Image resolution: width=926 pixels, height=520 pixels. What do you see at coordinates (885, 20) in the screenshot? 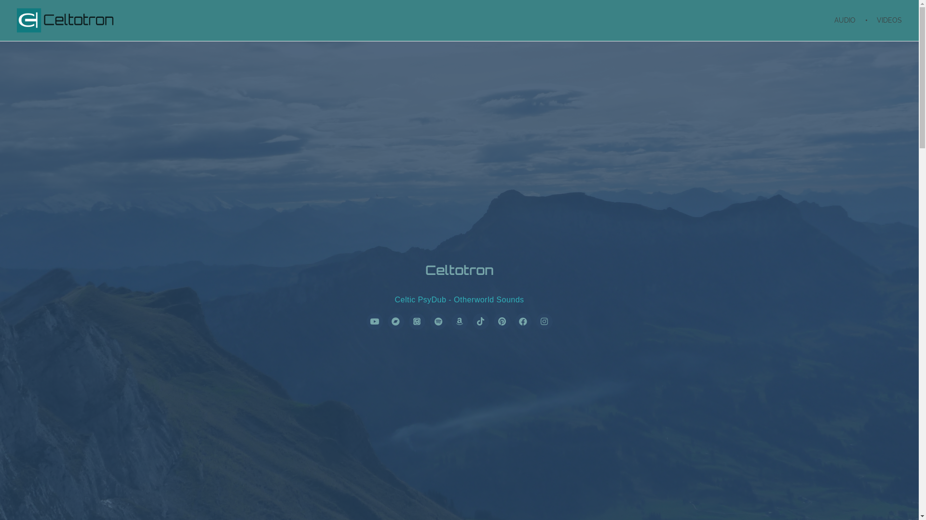
I see `'VIDEOS'` at bounding box center [885, 20].